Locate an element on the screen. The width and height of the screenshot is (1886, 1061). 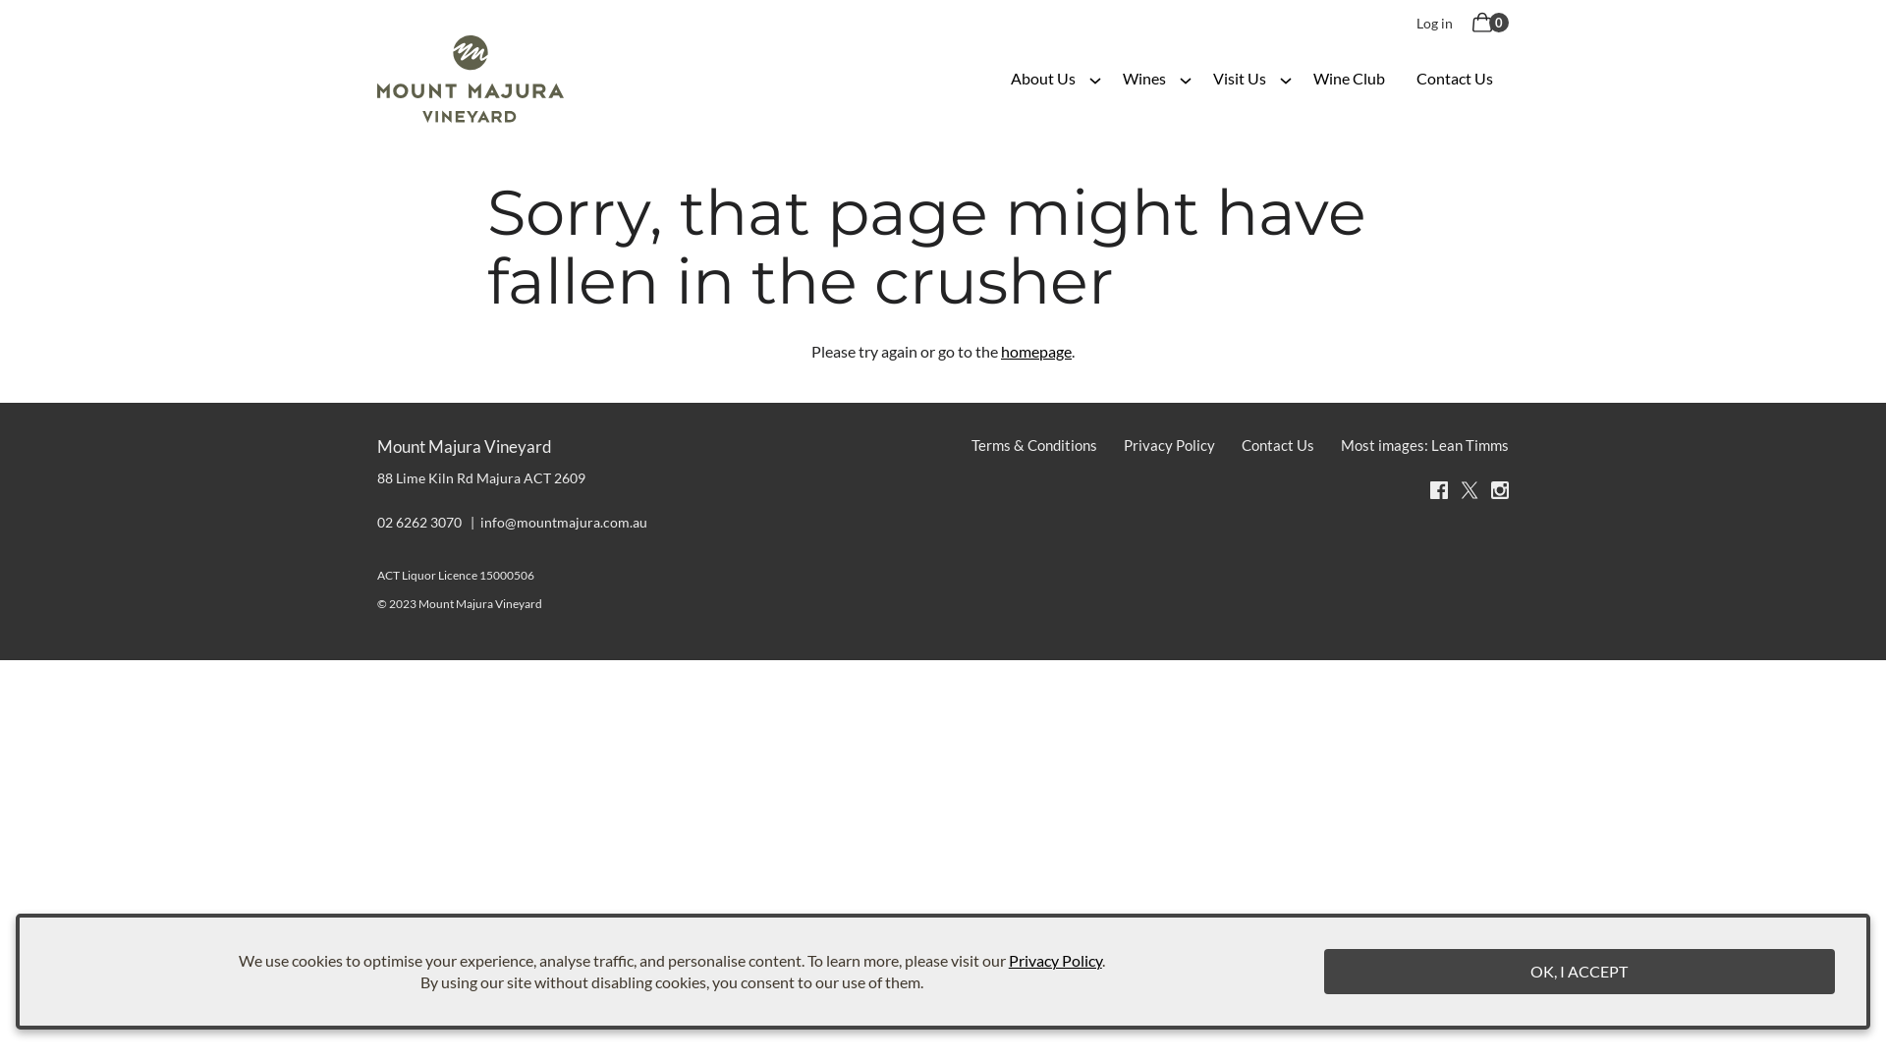
'Visit Us' is located at coordinates (1239, 78).